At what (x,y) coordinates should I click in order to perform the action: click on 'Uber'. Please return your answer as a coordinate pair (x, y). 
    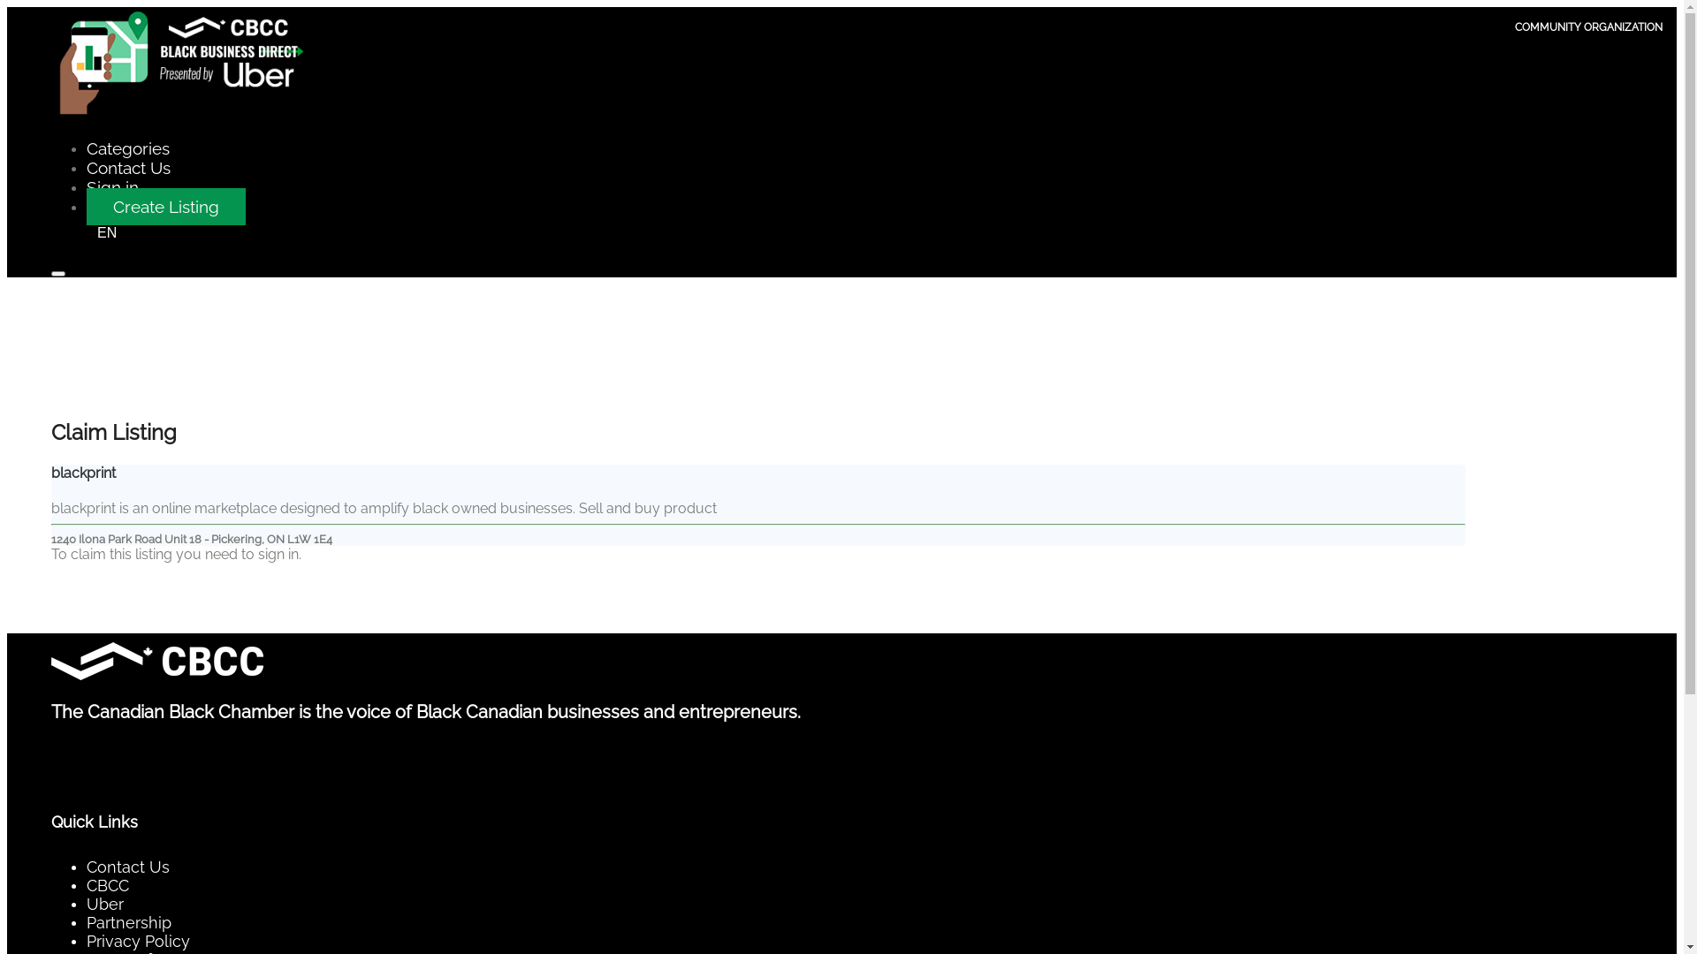
    Looking at the image, I should click on (104, 904).